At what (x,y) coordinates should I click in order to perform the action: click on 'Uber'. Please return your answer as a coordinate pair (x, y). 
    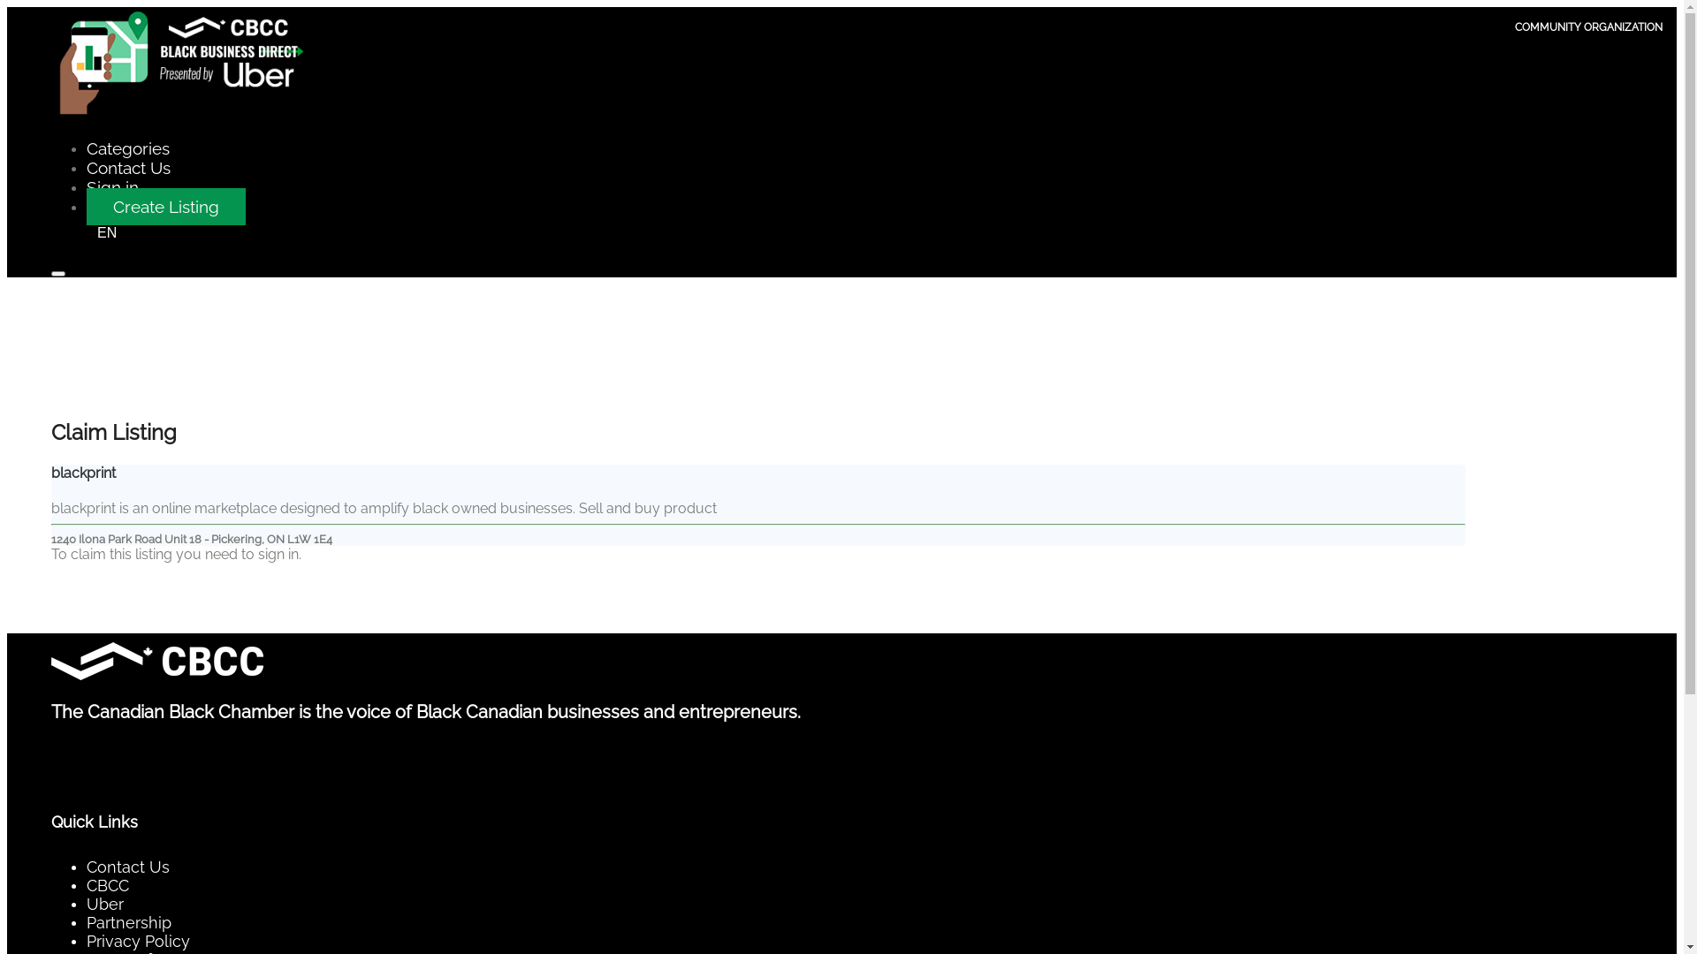
    Looking at the image, I should click on (104, 904).